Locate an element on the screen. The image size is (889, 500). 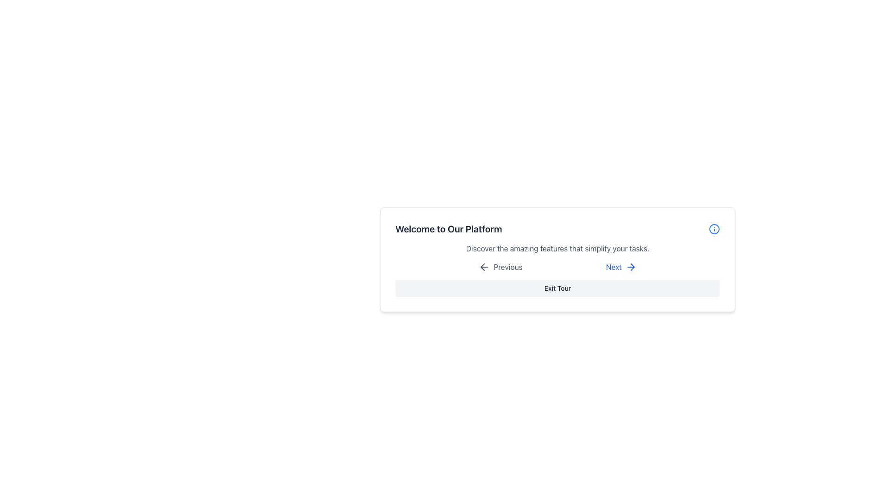
the 'Exit Tour' button, which is a light gray rectangular button with rounded corners located at the bottom center of the popup section is located at coordinates (557, 288).